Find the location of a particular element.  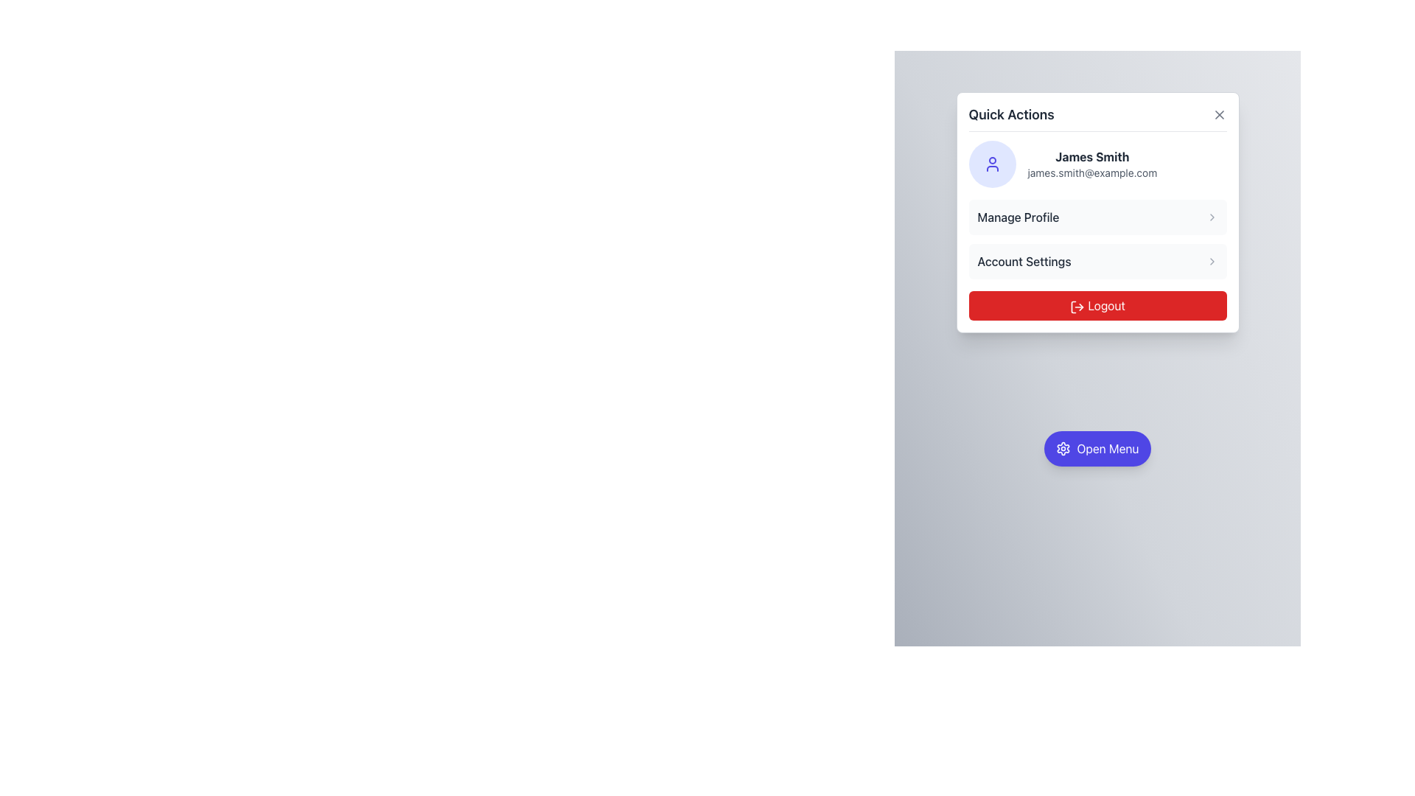

the close button located at the top-right corner of the 'Quick Actions' panel is located at coordinates (1219, 114).